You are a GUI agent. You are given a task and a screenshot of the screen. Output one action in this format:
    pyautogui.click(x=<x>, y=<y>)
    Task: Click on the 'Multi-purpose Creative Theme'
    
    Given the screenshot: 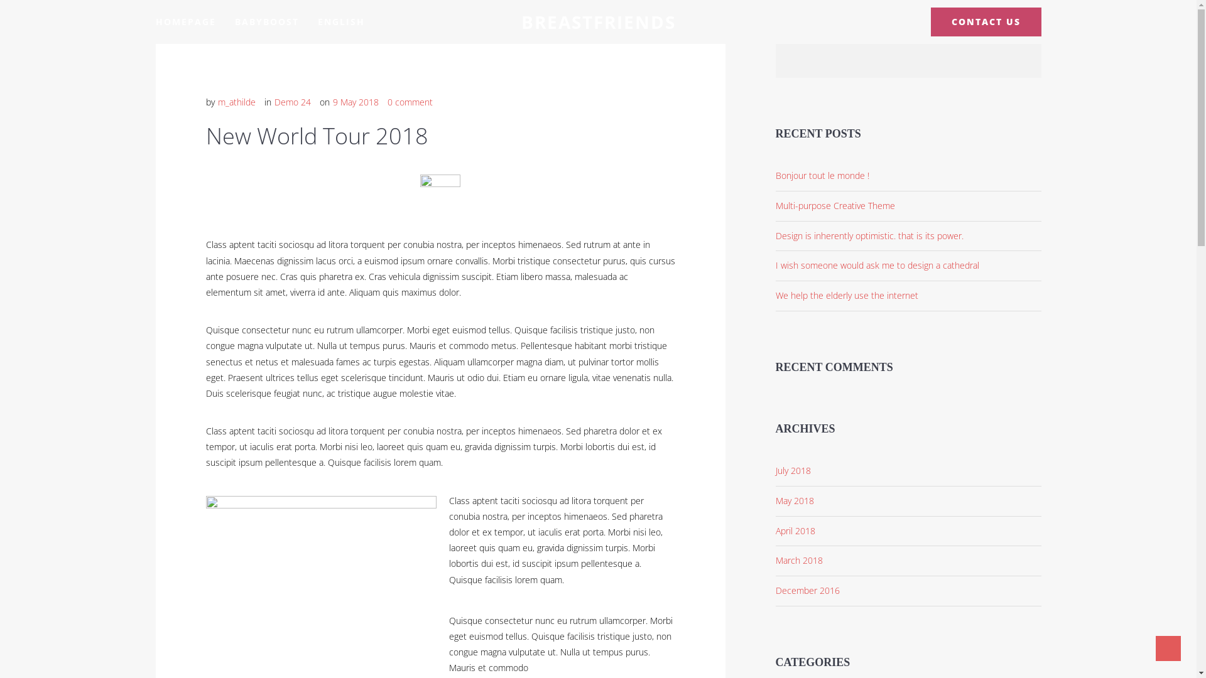 What is the action you would take?
    pyautogui.click(x=908, y=205)
    